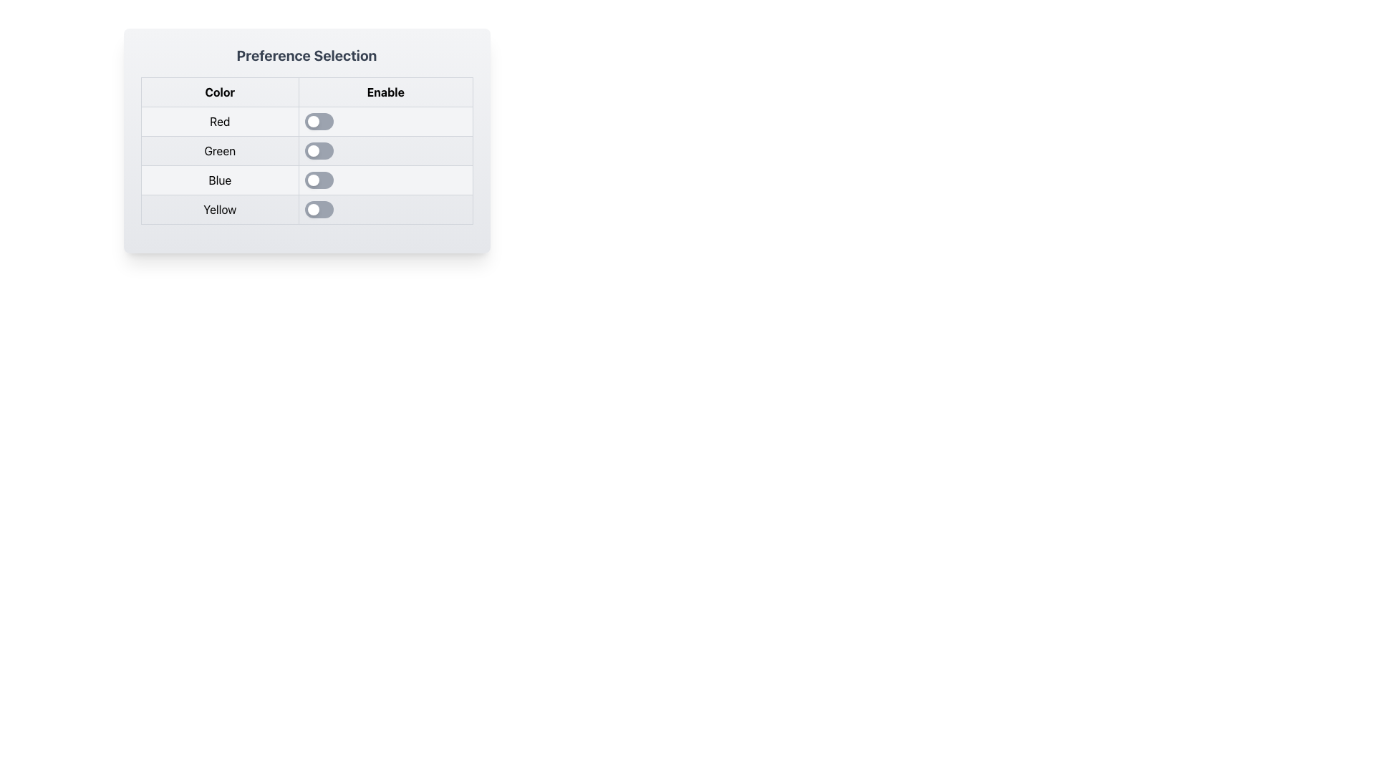 The height and width of the screenshot is (773, 1375). I want to click on the 'Red' color label located in the first row of the table under the 'Color' column, which is adjacent to the toggle switch under the 'Enable' column, so click(219, 120).